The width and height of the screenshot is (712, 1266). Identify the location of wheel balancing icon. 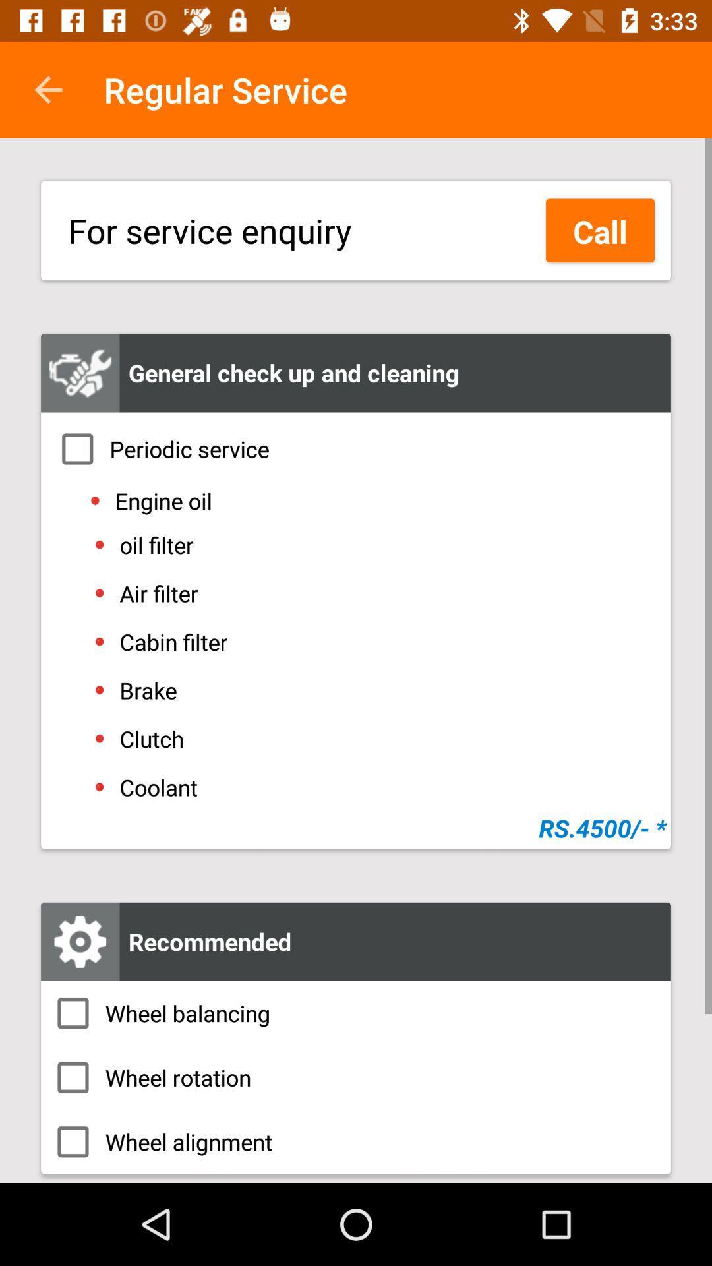
(356, 1012).